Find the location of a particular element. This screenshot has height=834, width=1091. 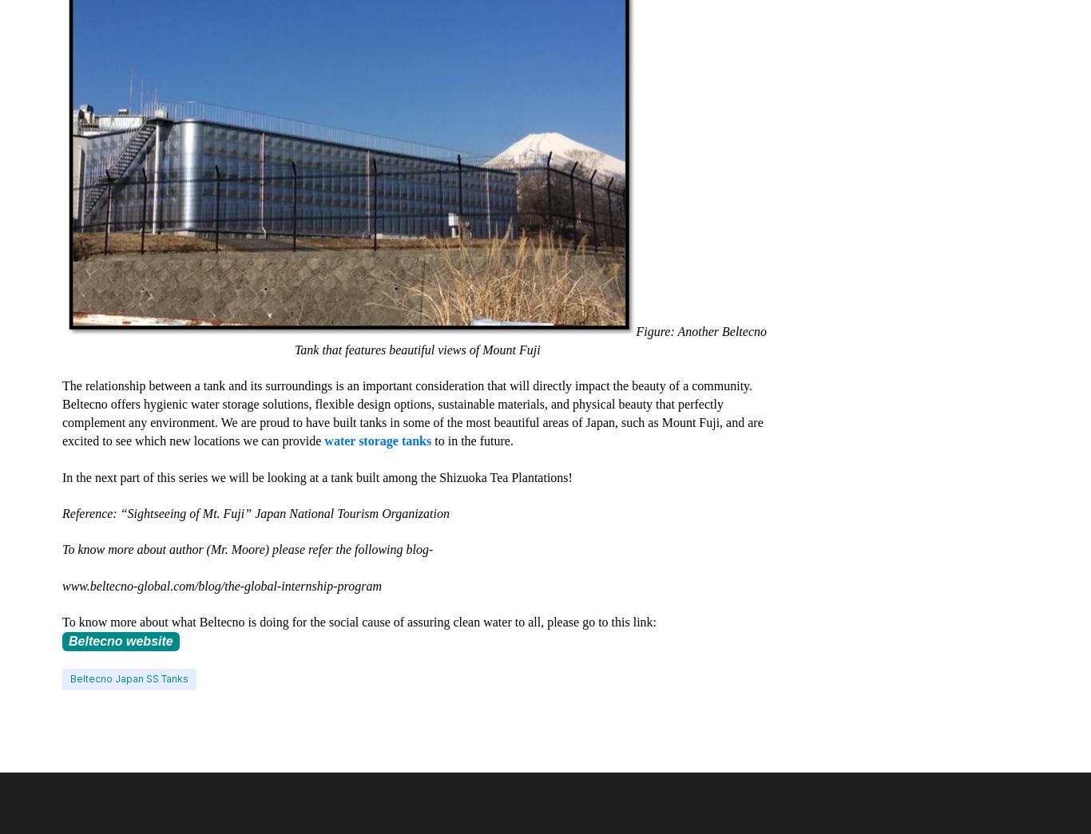

'Reference:' is located at coordinates (91, 513).